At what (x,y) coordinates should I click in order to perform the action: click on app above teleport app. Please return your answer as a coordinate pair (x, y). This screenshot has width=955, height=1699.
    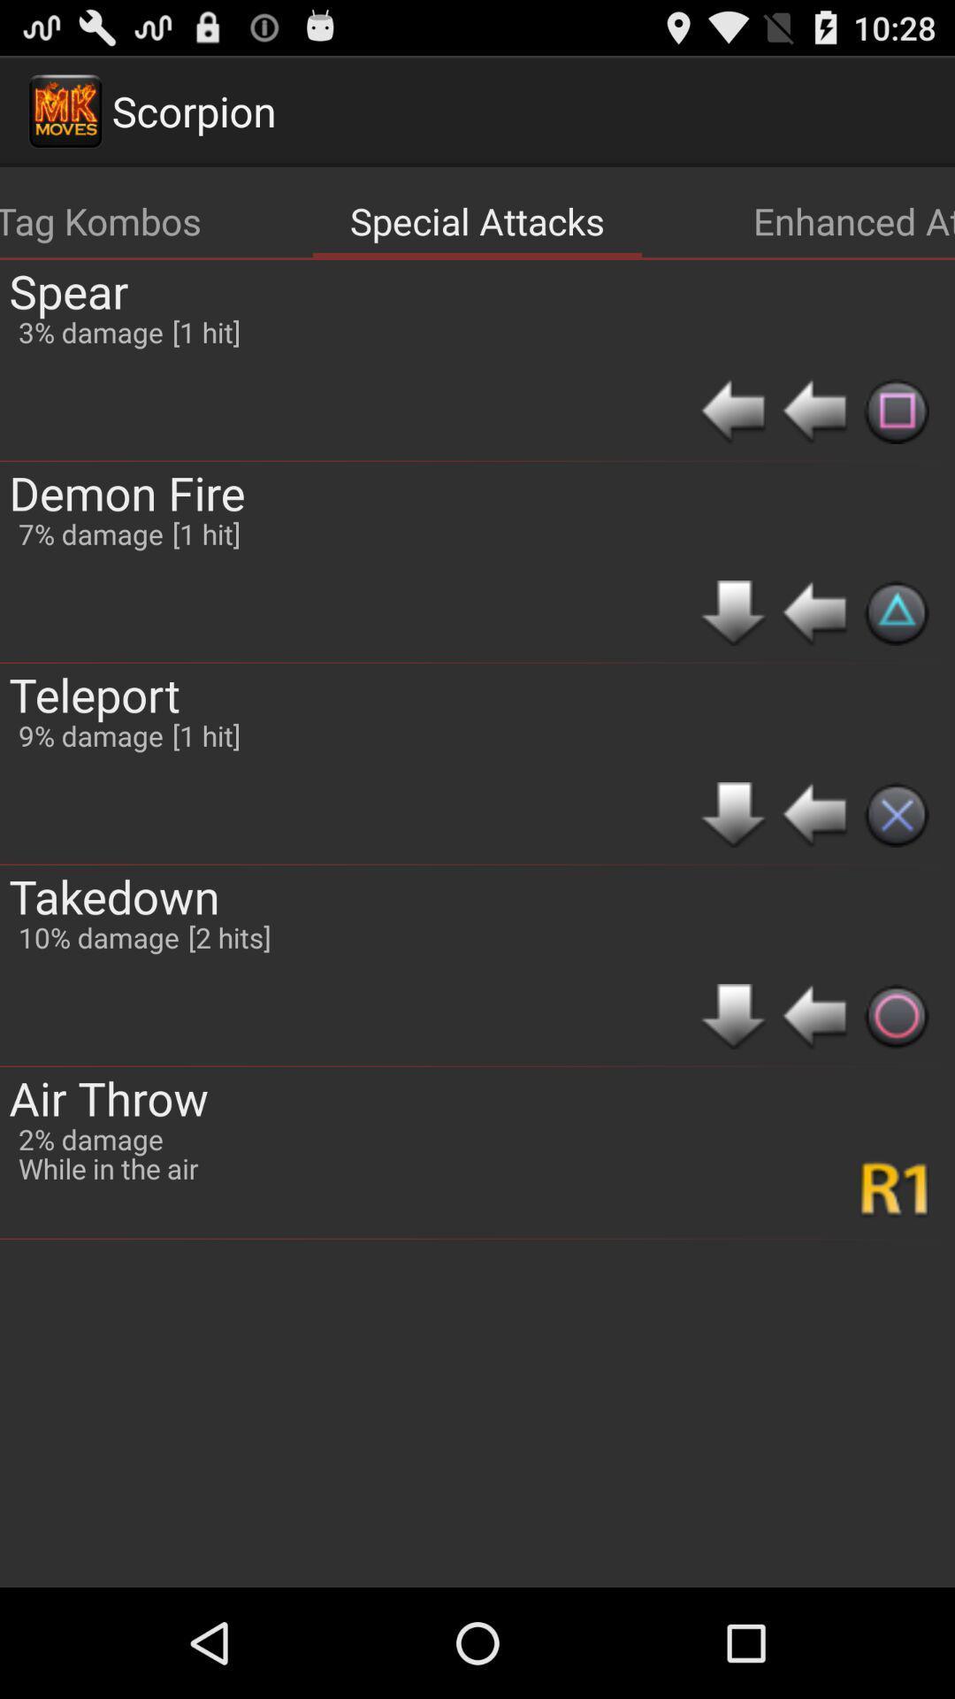
    Looking at the image, I should click on (126, 492).